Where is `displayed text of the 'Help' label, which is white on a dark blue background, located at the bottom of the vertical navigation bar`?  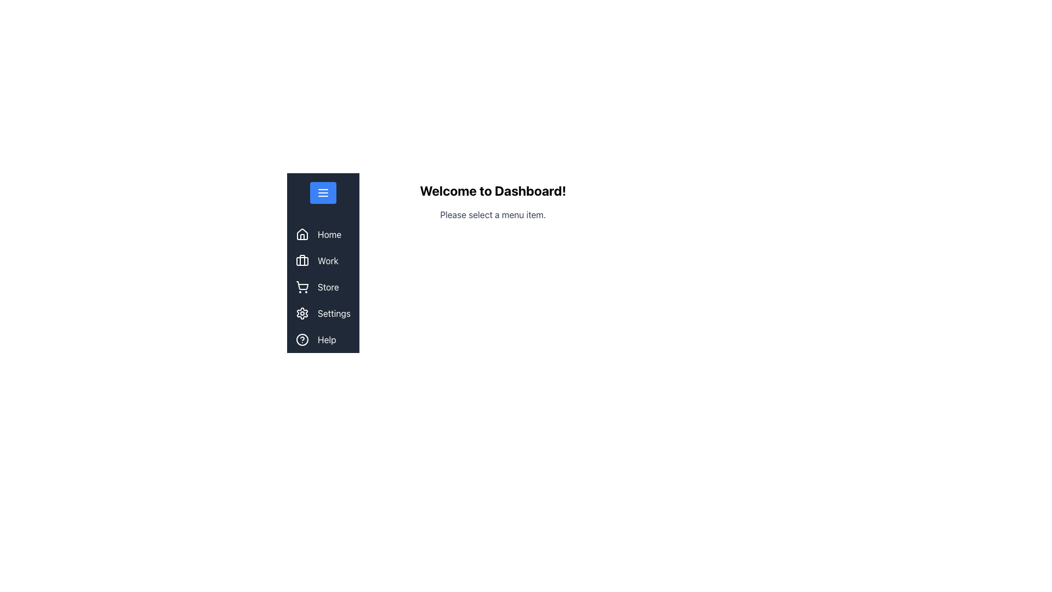 displayed text of the 'Help' label, which is white on a dark blue background, located at the bottom of the vertical navigation bar is located at coordinates (326, 339).